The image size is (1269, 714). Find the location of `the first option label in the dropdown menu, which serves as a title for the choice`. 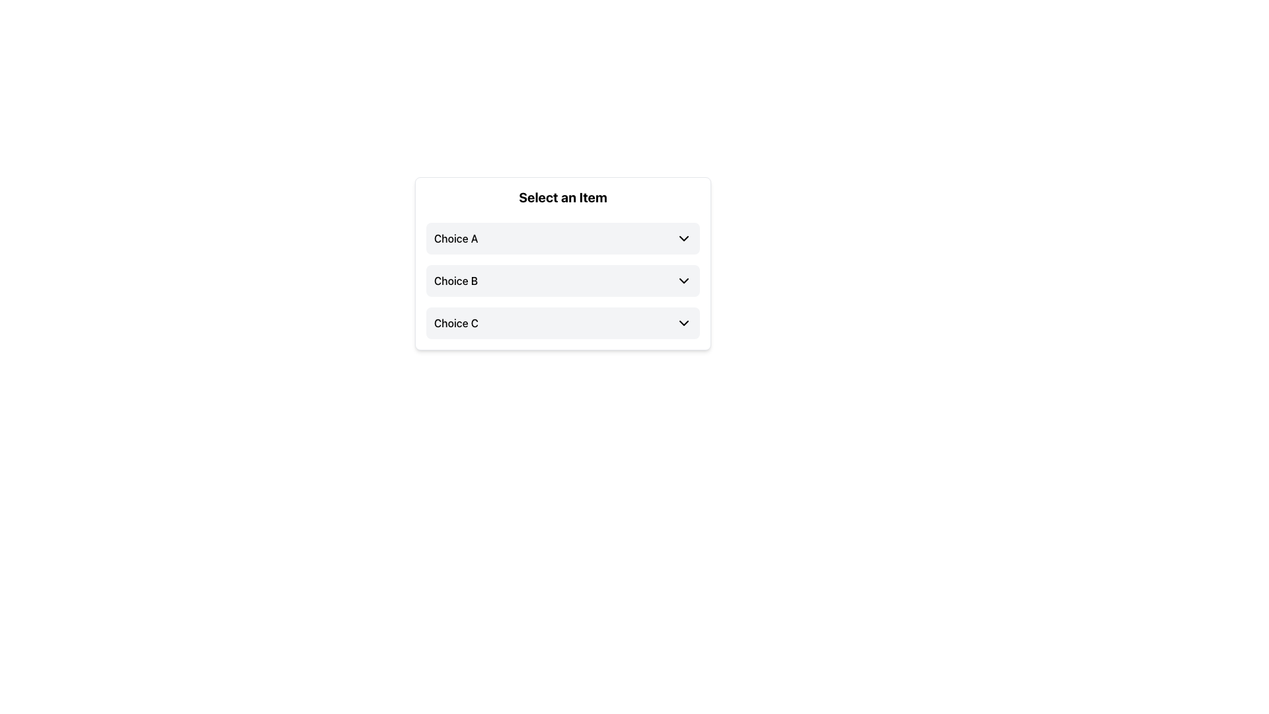

the first option label in the dropdown menu, which serves as a title for the choice is located at coordinates (456, 239).